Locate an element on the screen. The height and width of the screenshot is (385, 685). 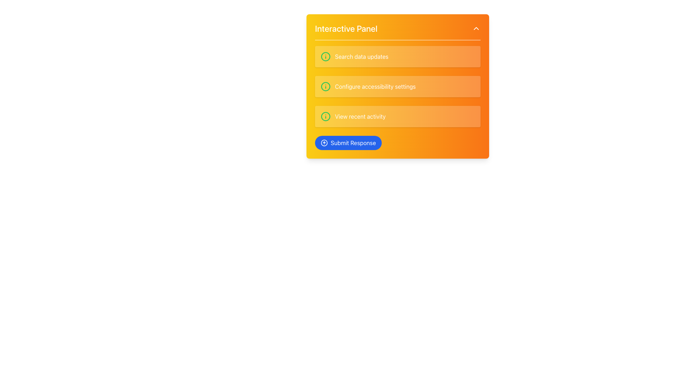
the first icon on the left within the 'Configure accessibility settings' option in the Interactive Panel is located at coordinates (325, 86).